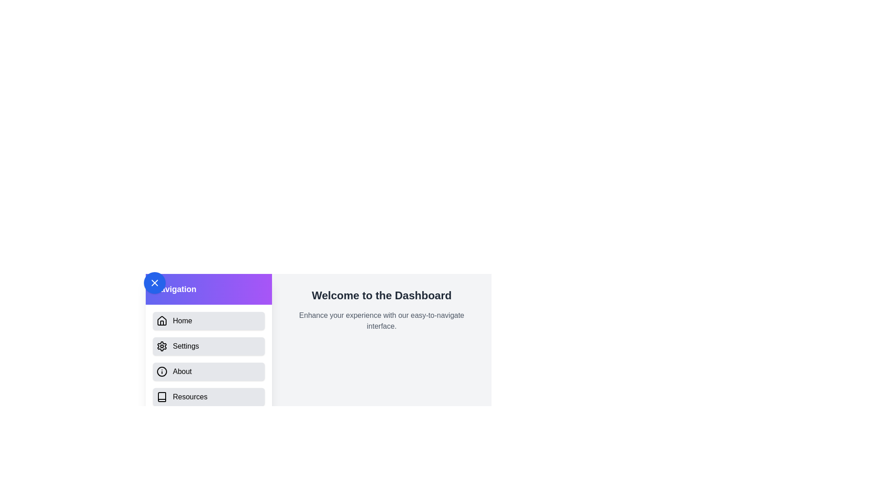  What do you see at coordinates (208, 396) in the screenshot?
I see `the menu item labeled Resources from the drawer` at bounding box center [208, 396].